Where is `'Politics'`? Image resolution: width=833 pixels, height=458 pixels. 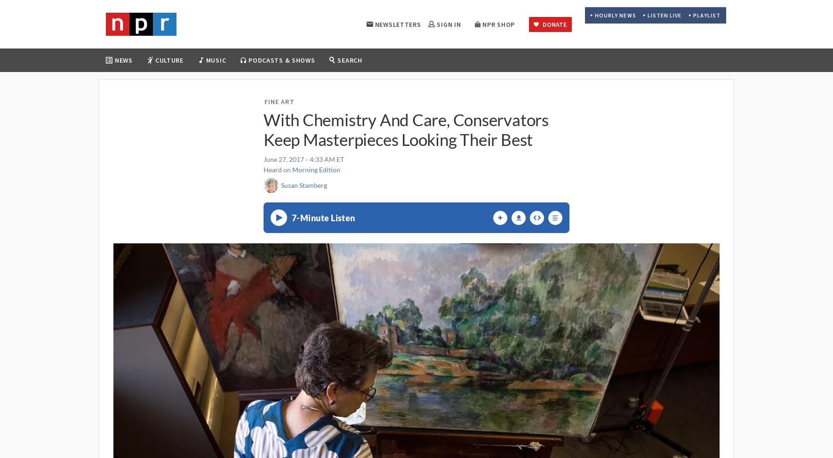
'Politics' is located at coordinates (132, 111).